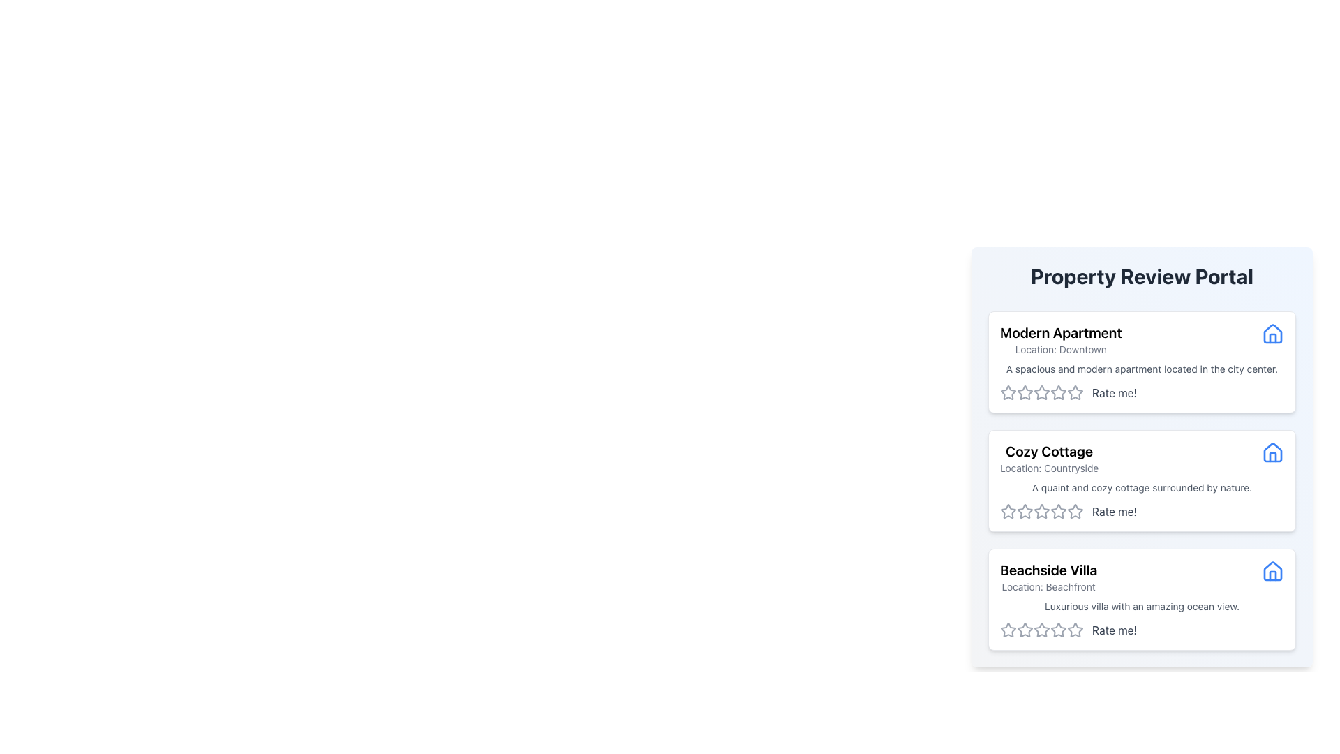 This screenshot has width=1340, height=754. Describe the element at coordinates (1008, 511) in the screenshot. I see `the first Rating Star Icon under the 'Cozy Cottage' property in the Property Review Portal to affect neighboring stars` at that location.